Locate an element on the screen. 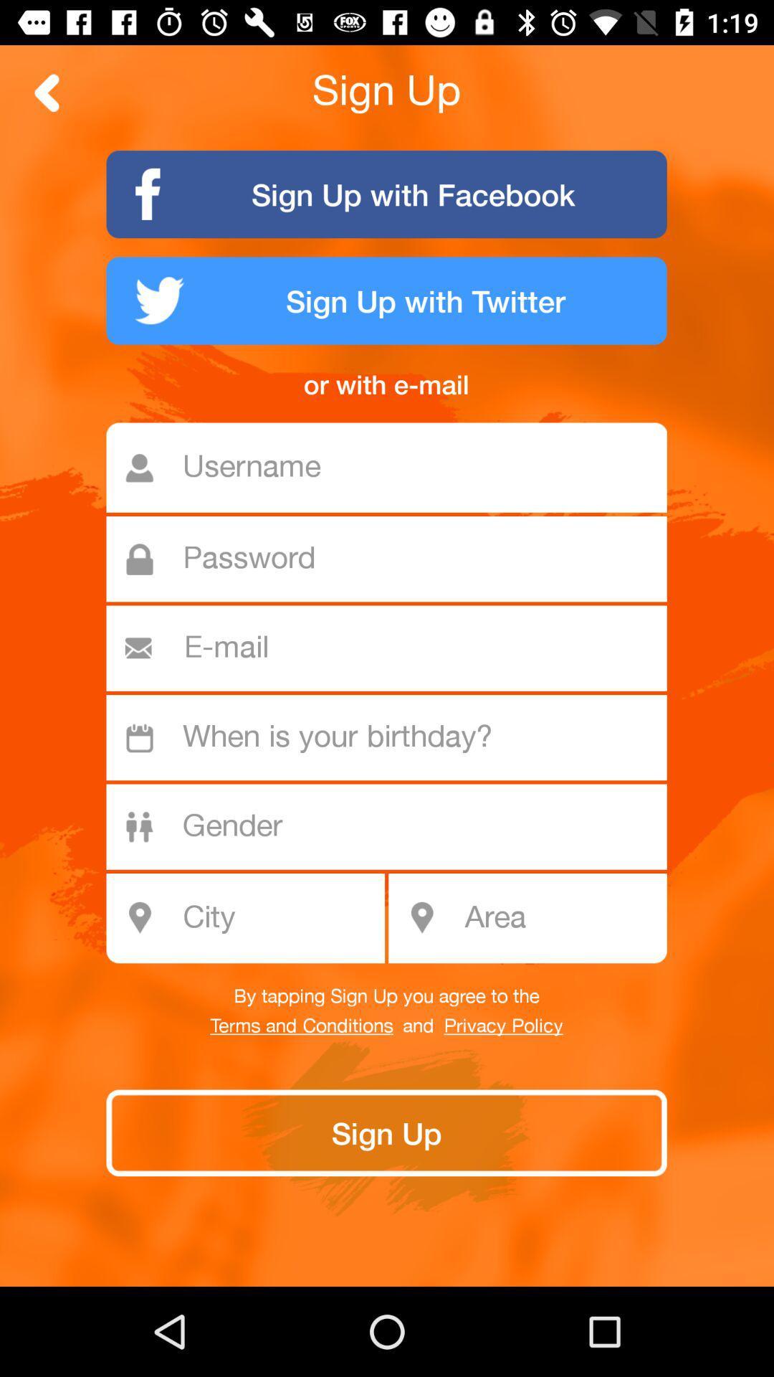 The image size is (774, 1377). the icon at the bottom right corner is located at coordinates (560, 918).